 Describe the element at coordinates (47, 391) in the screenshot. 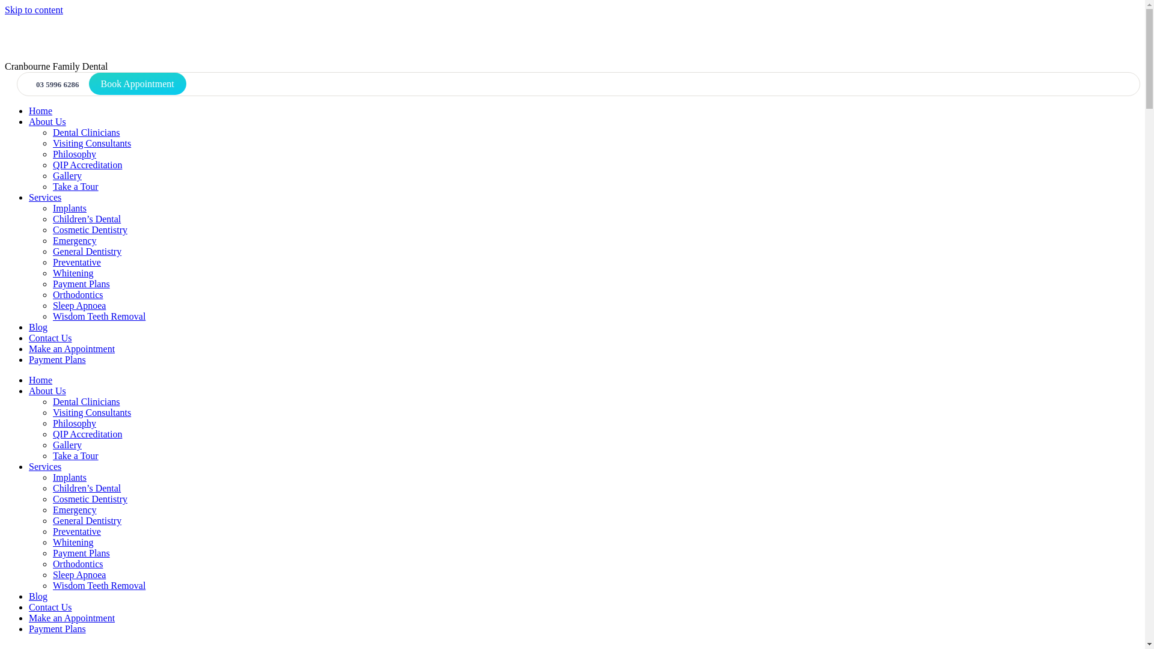

I see `'About Us'` at that location.